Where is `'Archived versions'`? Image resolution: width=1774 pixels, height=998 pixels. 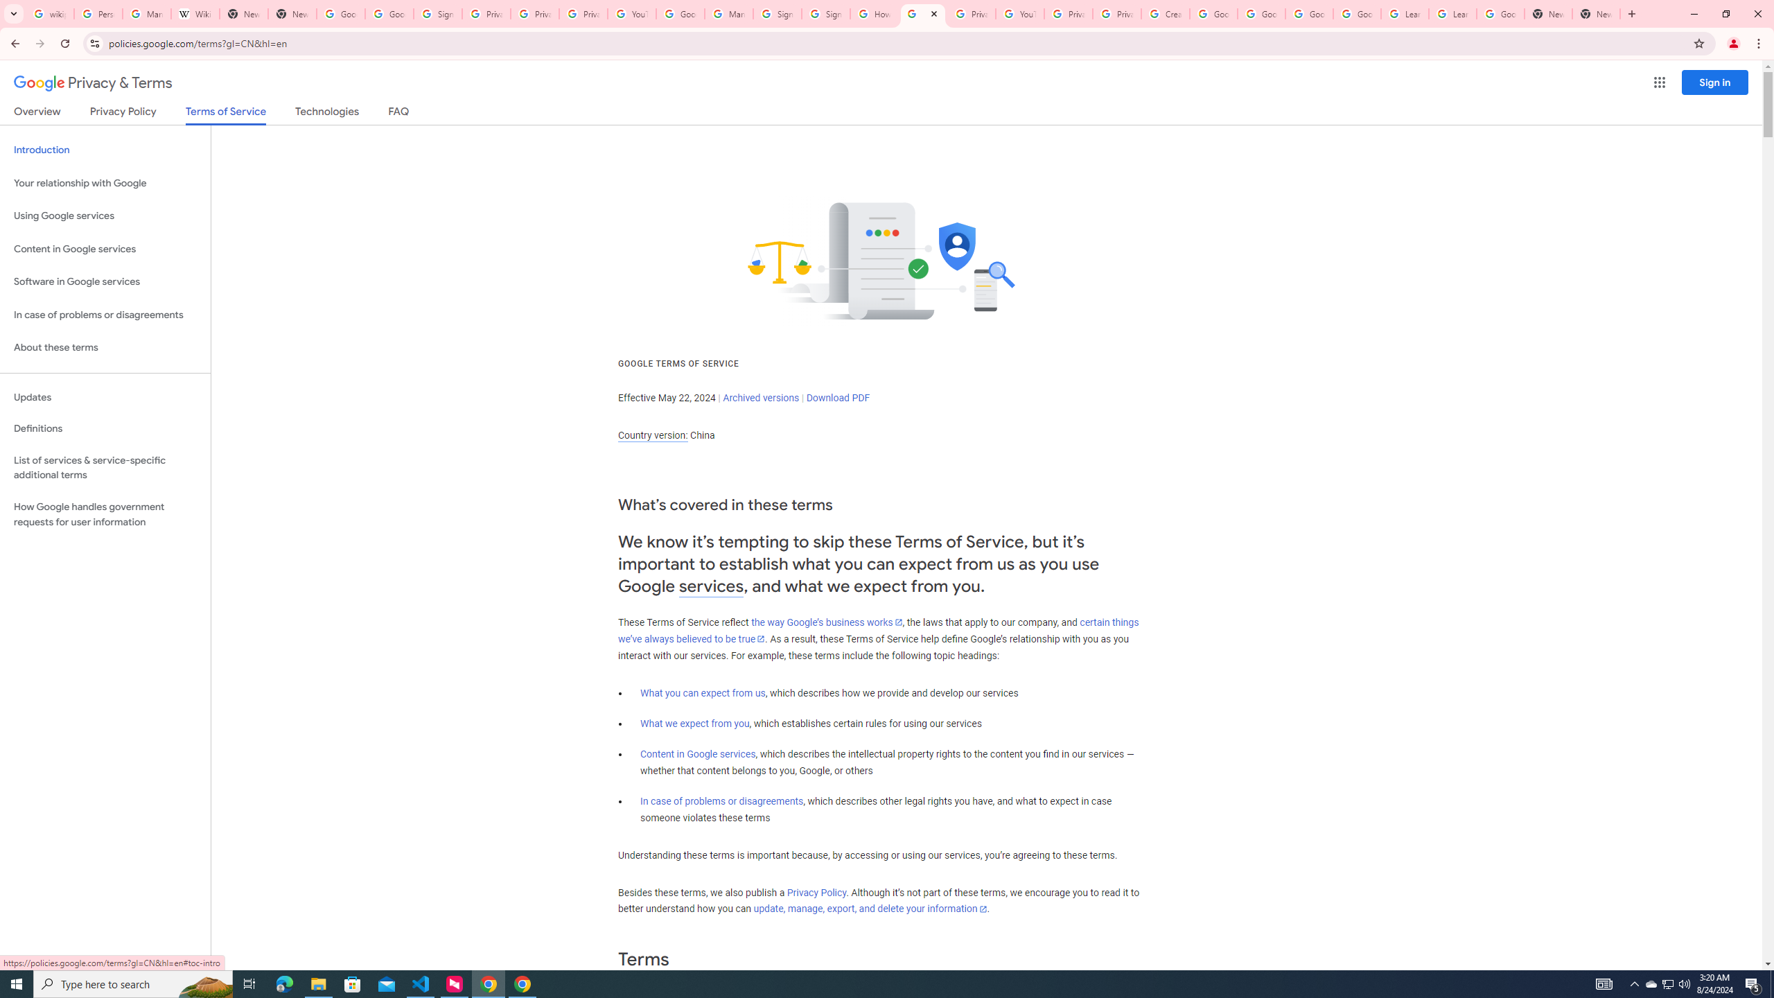 'Archived versions' is located at coordinates (760, 396).